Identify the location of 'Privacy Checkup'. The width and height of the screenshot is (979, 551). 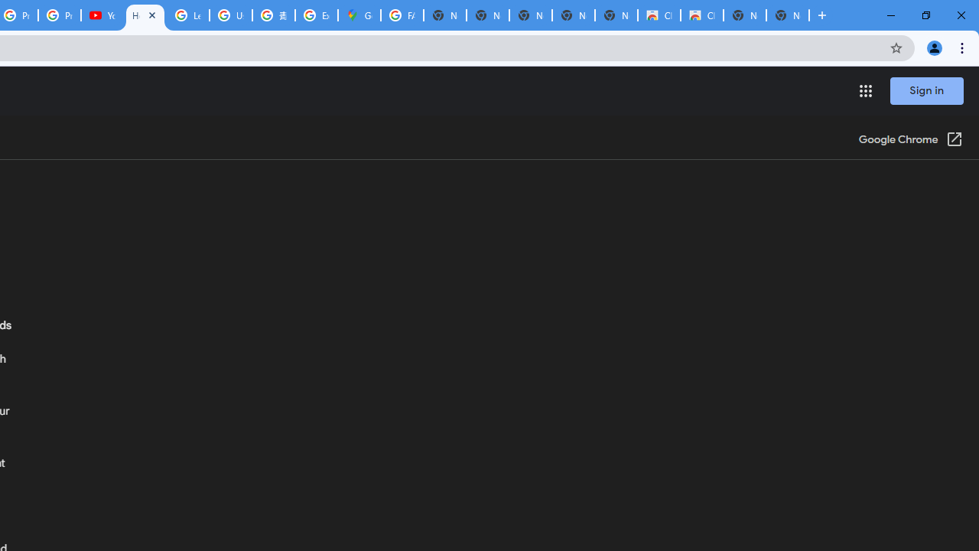
(60, 15).